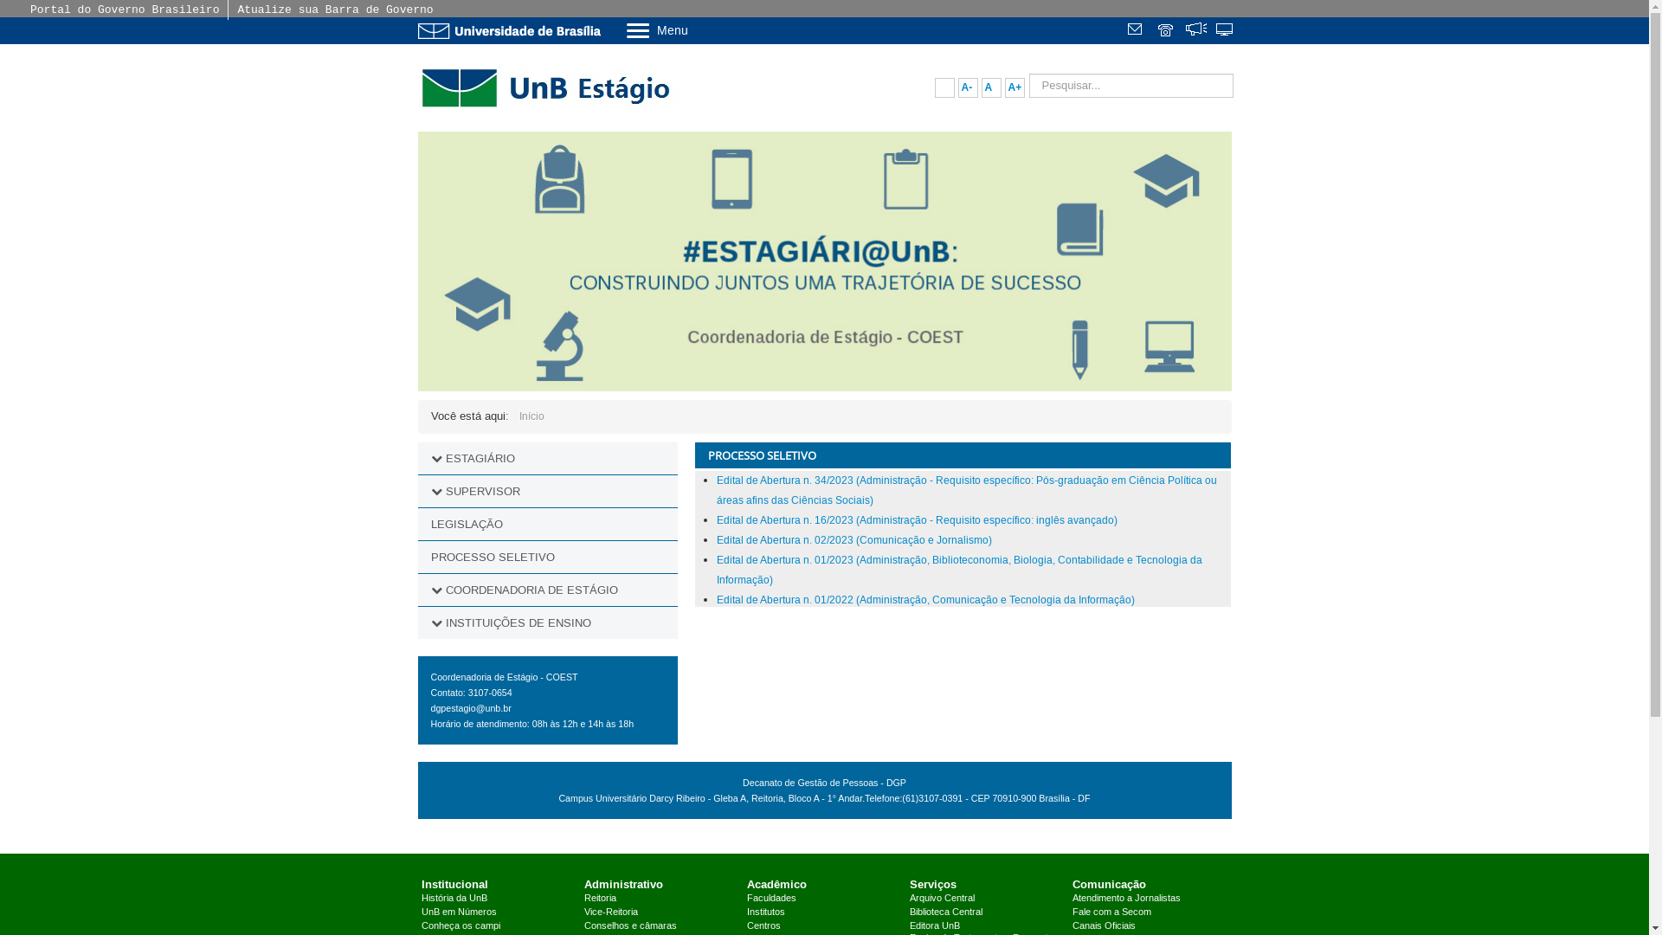  What do you see at coordinates (610, 911) in the screenshot?
I see `'Vice-Reitoria'` at bounding box center [610, 911].